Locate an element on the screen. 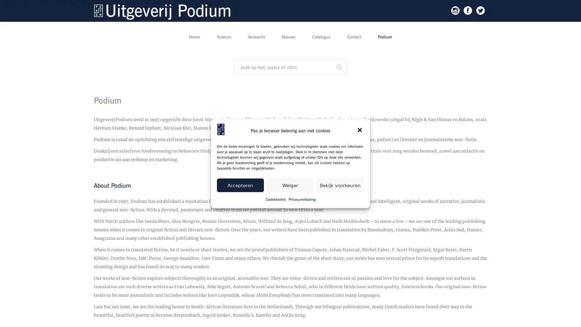 The height and width of the screenshot is (327, 581). close-dialog is located at coordinates (360, 130).